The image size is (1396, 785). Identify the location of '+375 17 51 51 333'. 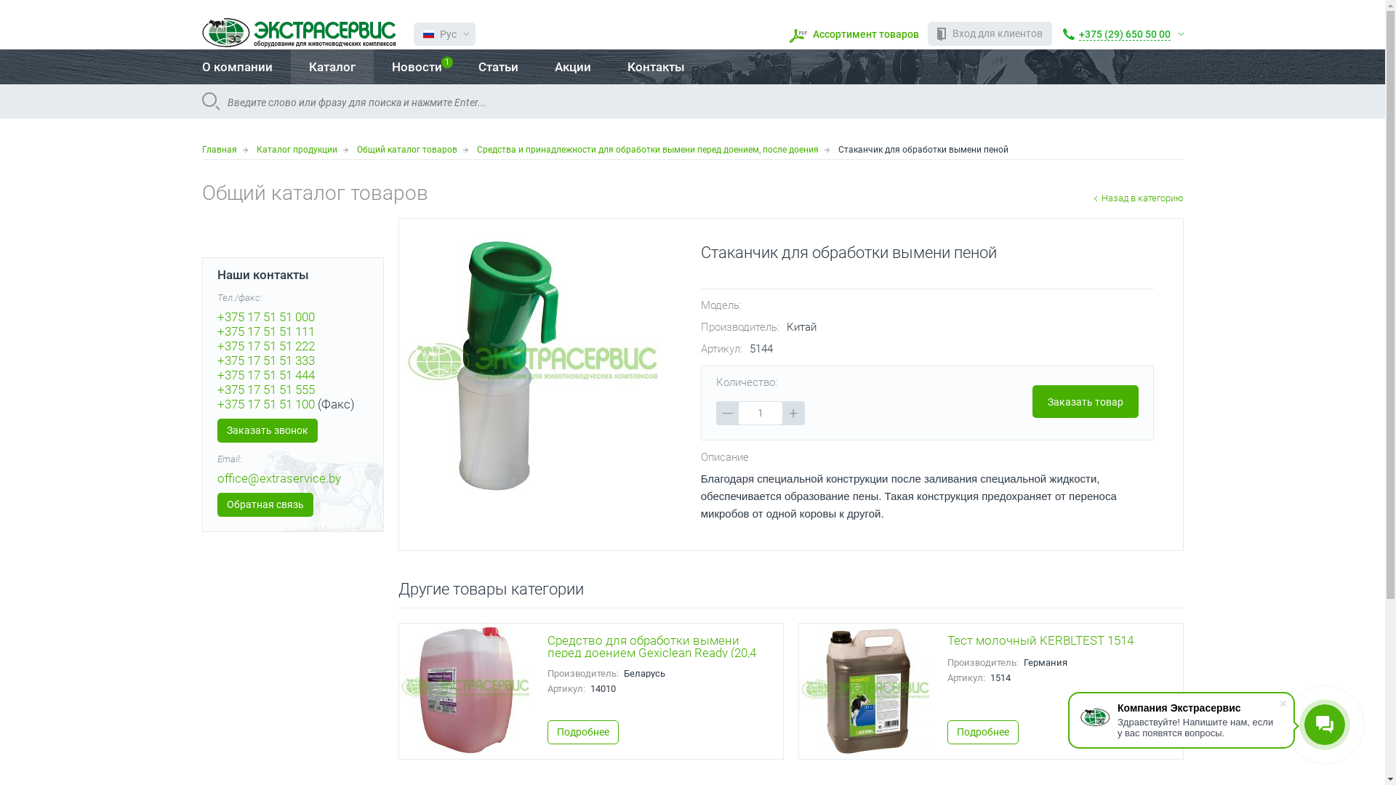
(265, 360).